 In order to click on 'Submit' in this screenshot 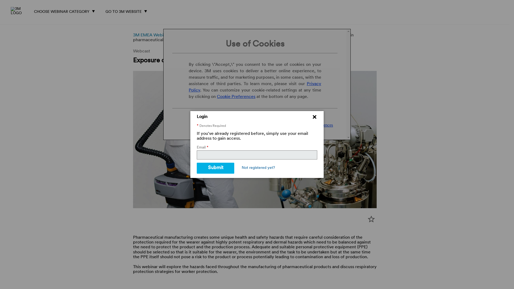, I will do `click(196, 168)`.